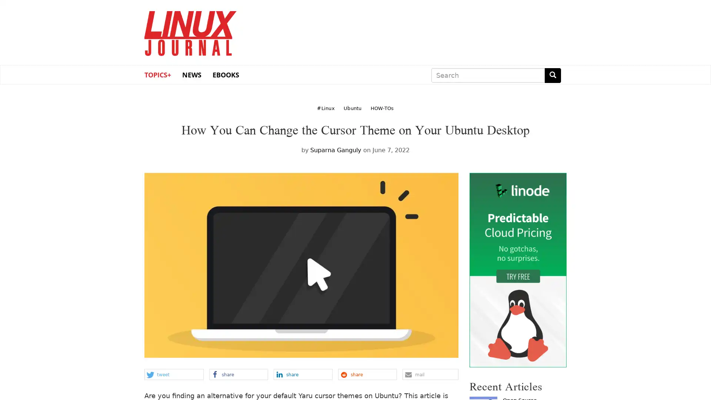  I want to click on Share on Facebook, so click(238, 374).